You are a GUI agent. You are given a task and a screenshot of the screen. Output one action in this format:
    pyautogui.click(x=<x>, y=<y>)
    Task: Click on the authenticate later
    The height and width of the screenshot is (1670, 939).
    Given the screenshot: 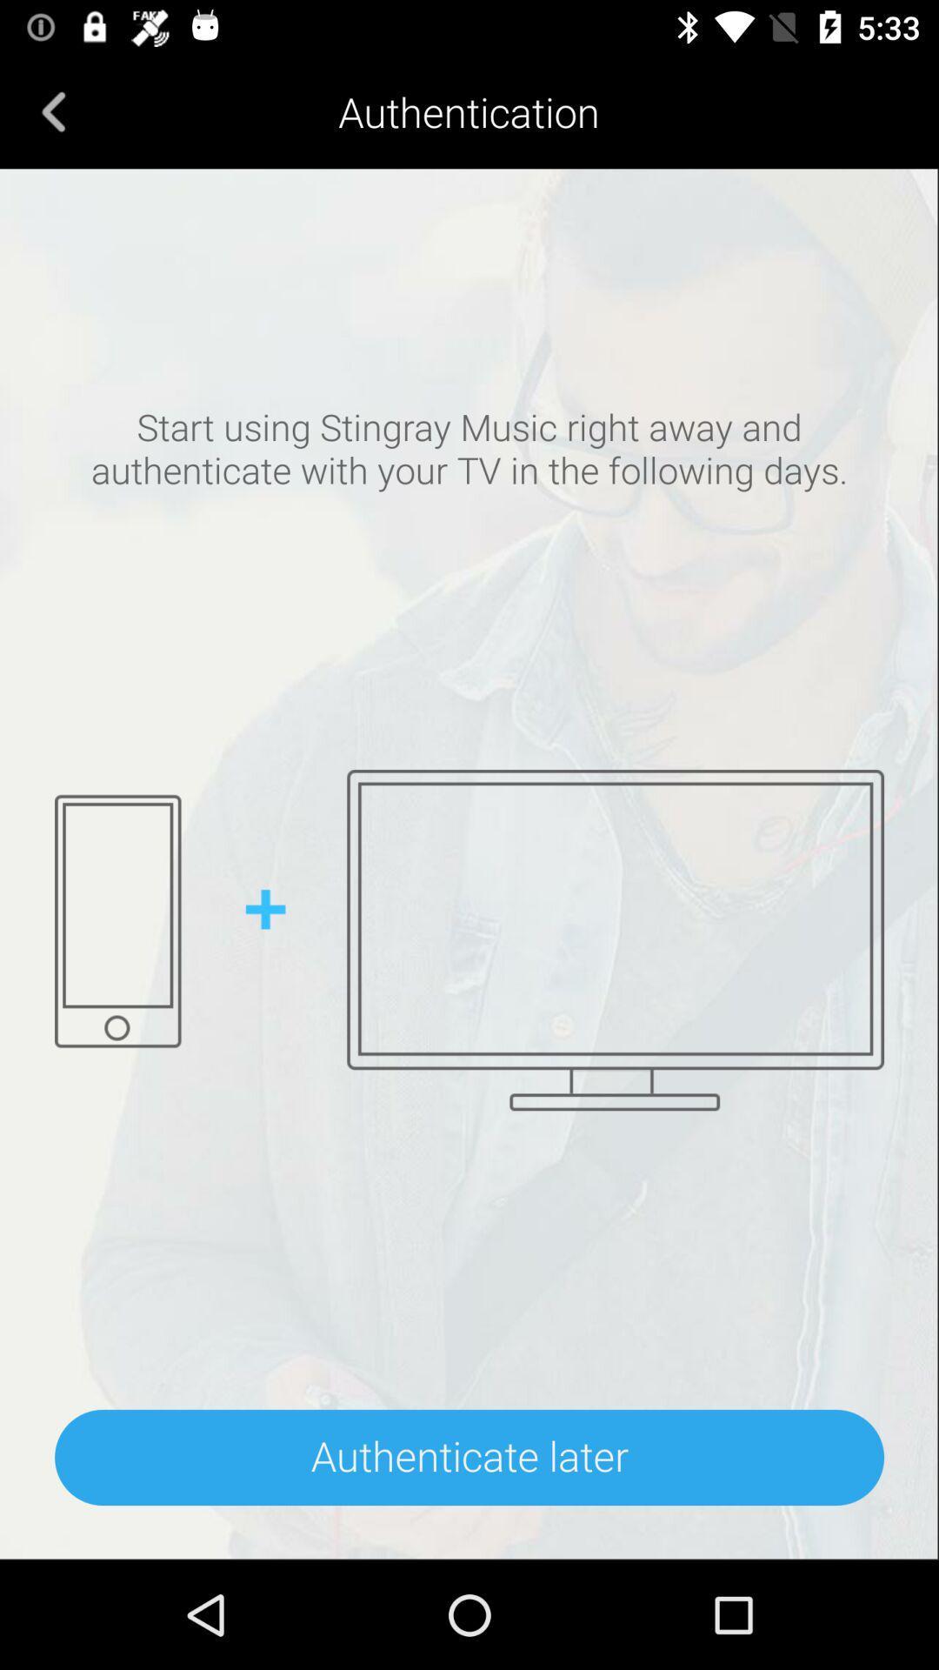 What is the action you would take?
    pyautogui.click(x=469, y=1457)
    